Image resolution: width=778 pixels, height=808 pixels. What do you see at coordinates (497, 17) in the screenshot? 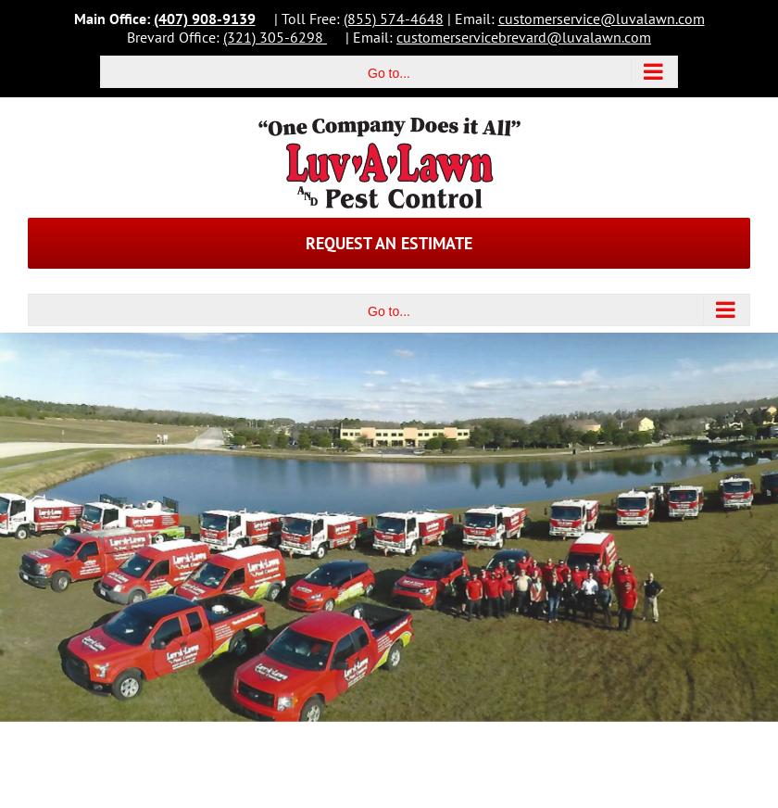
I see `'customerservice@luvalawn.com'` at bounding box center [497, 17].